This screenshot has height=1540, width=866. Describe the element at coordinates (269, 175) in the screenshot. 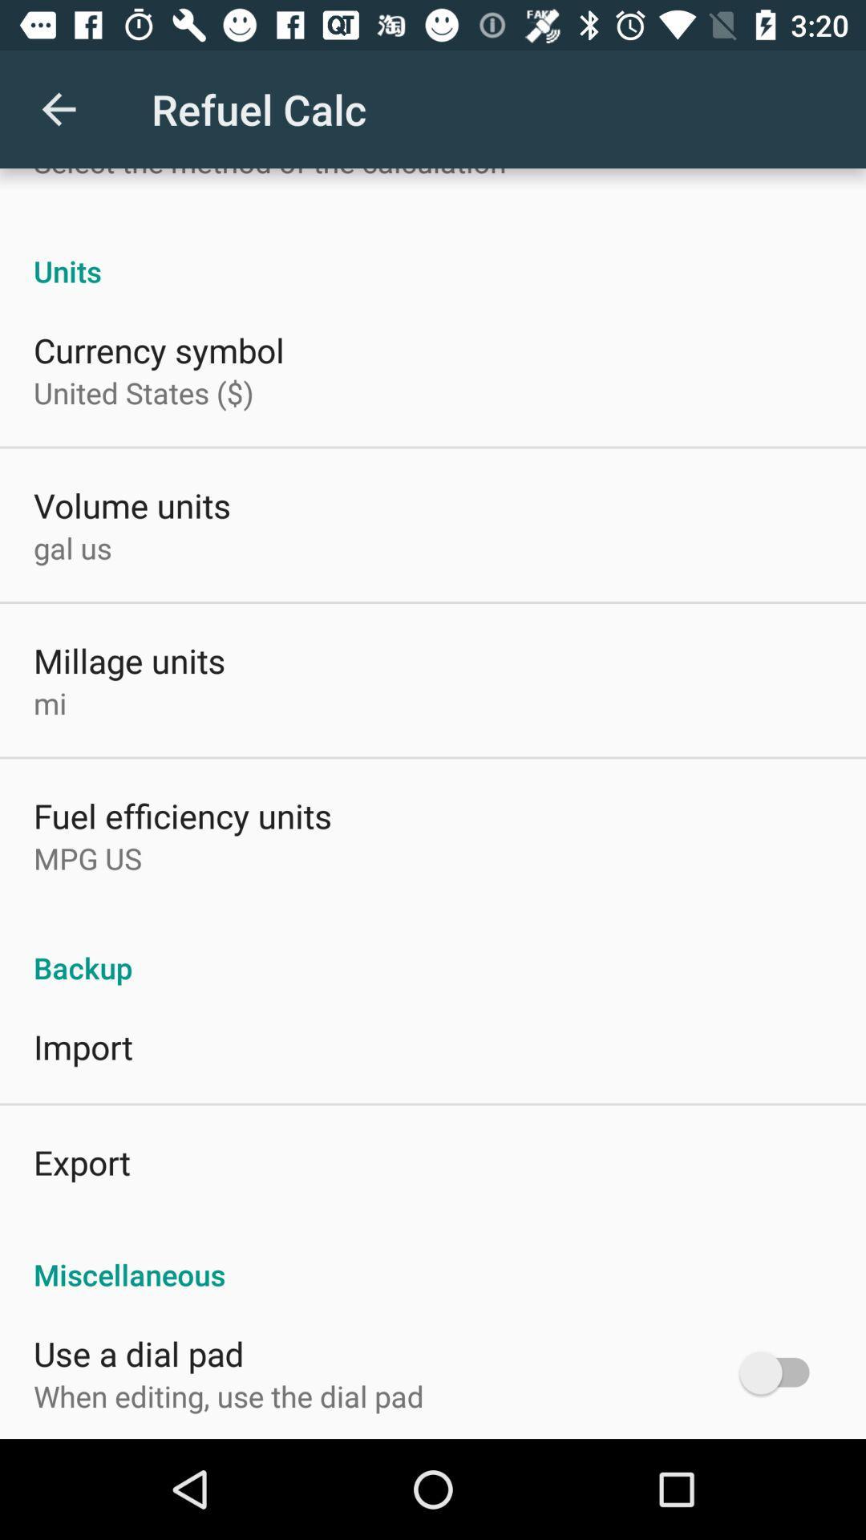

I see `the select the method app` at that location.